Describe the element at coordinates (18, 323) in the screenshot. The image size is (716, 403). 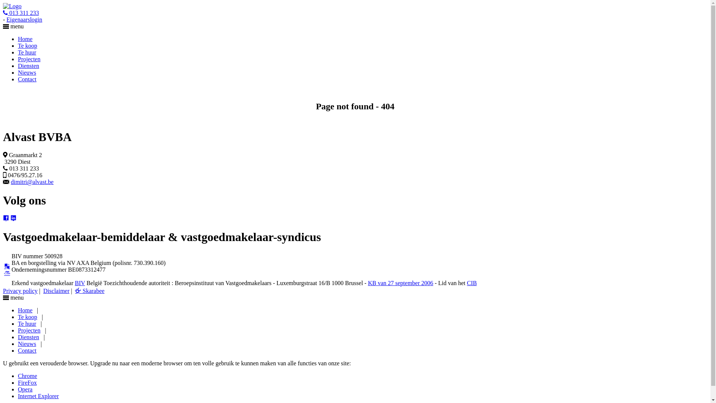
I see `'Te huur'` at that location.